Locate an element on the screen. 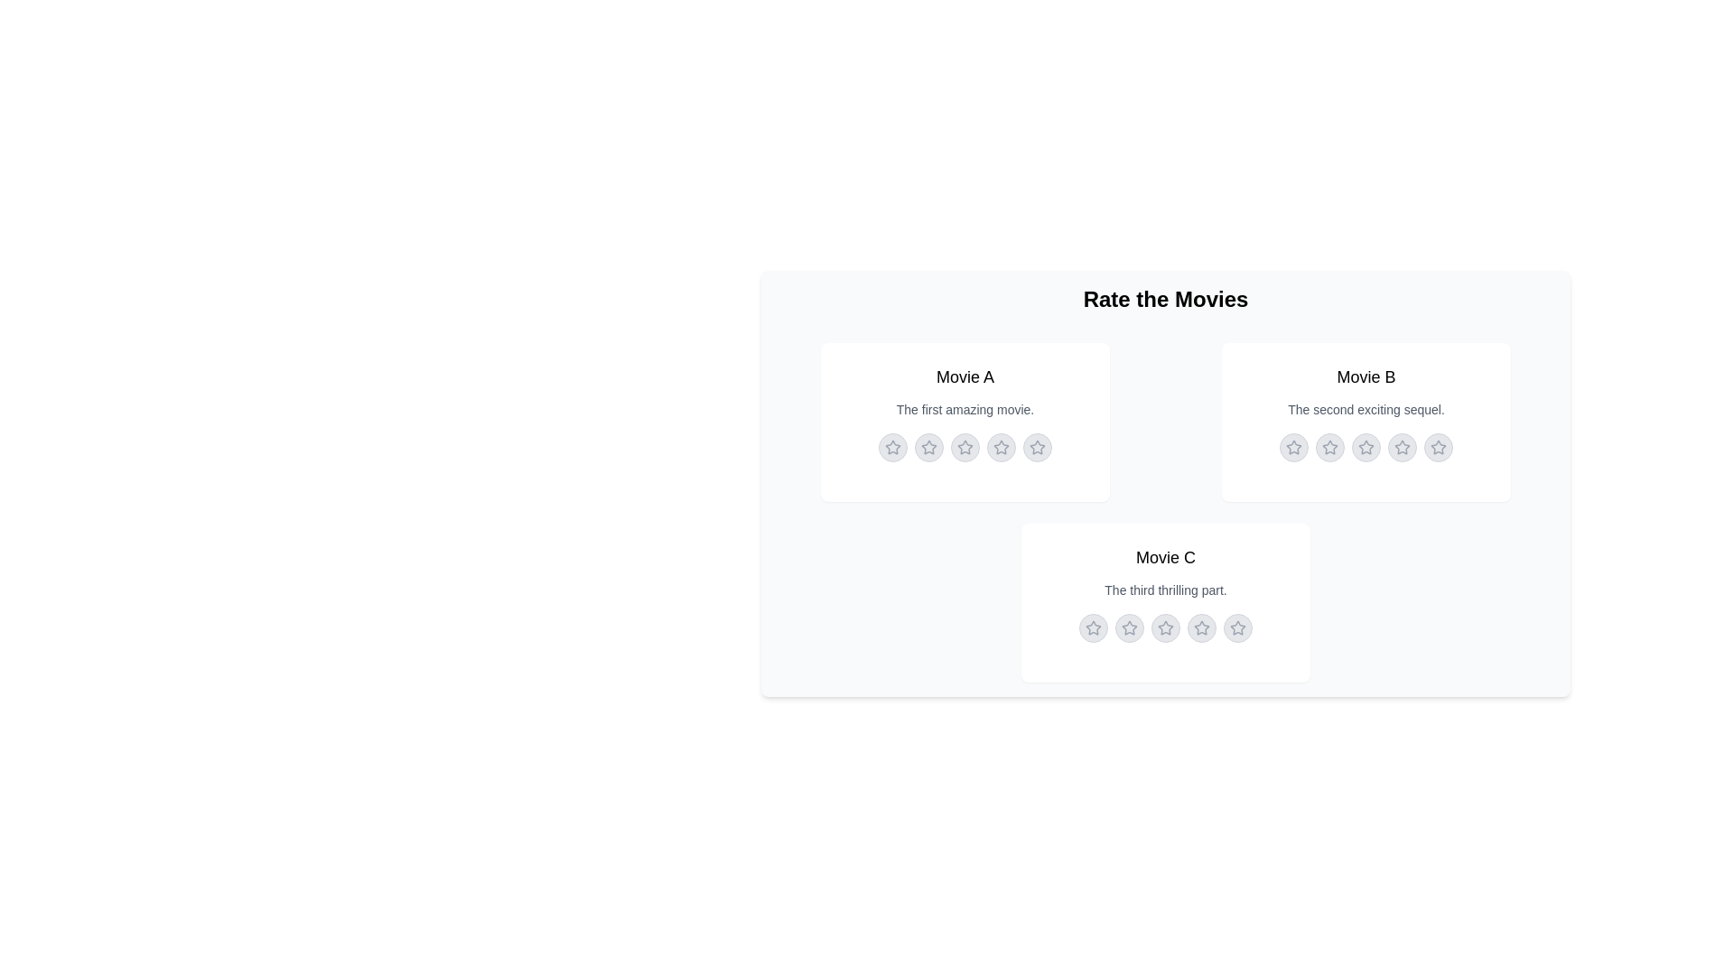  the first button in the horizontal row directly under the text 'Movie B' to register a rating action is located at coordinates (1293, 447).